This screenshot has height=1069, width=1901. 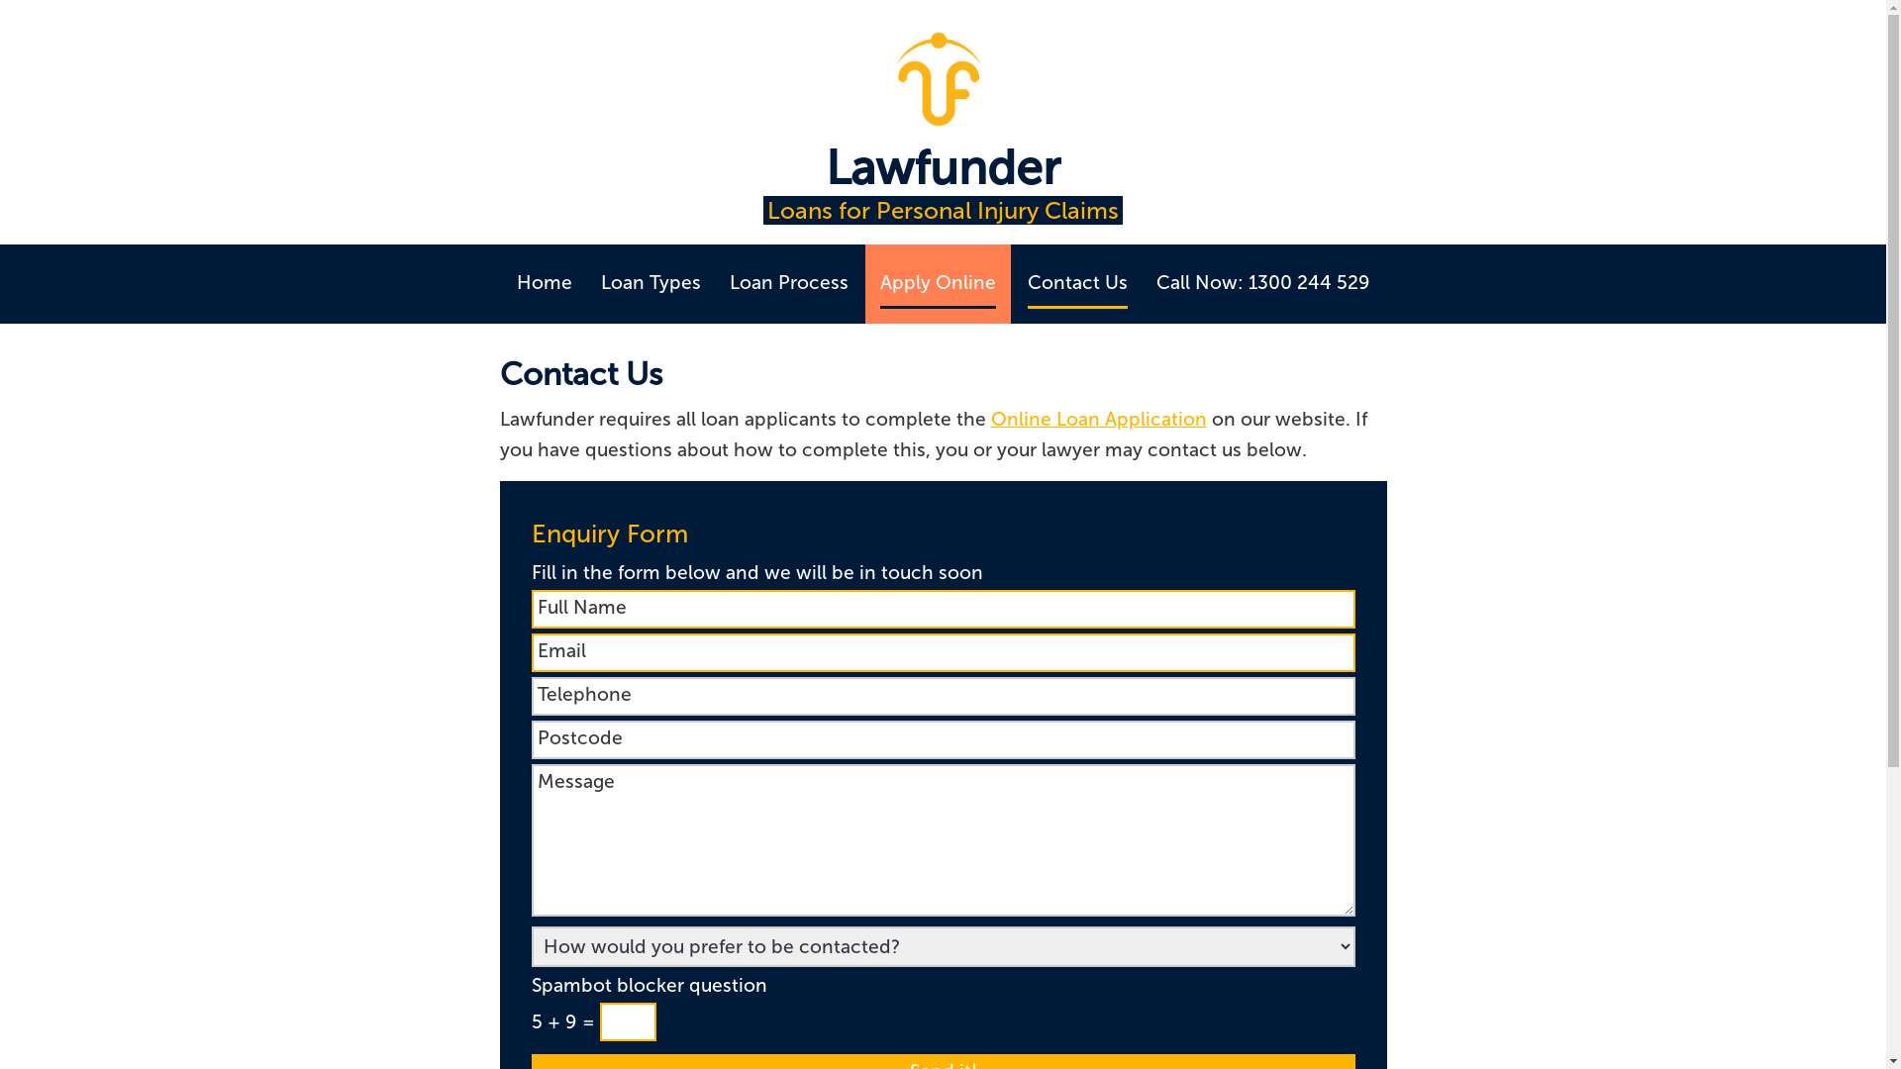 I want to click on 'Loan Process', so click(x=787, y=283).